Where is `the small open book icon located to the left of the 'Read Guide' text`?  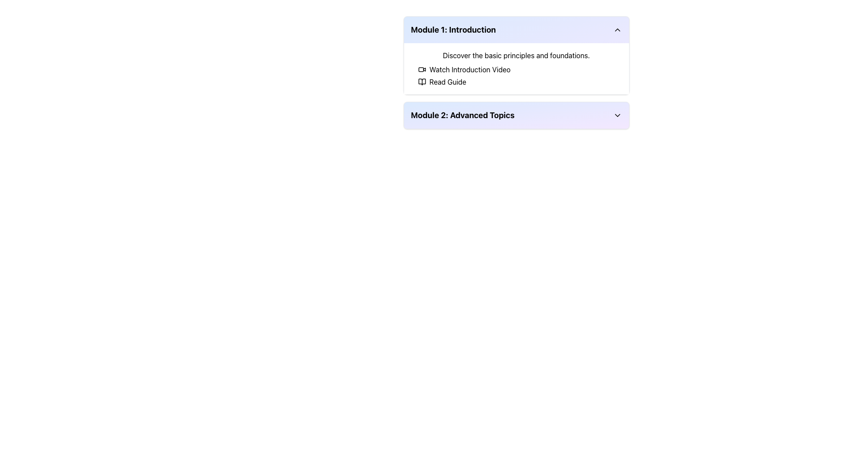
the small open book icon located to the left of the 'Read Guide' text is located at coordinates (421, 82).